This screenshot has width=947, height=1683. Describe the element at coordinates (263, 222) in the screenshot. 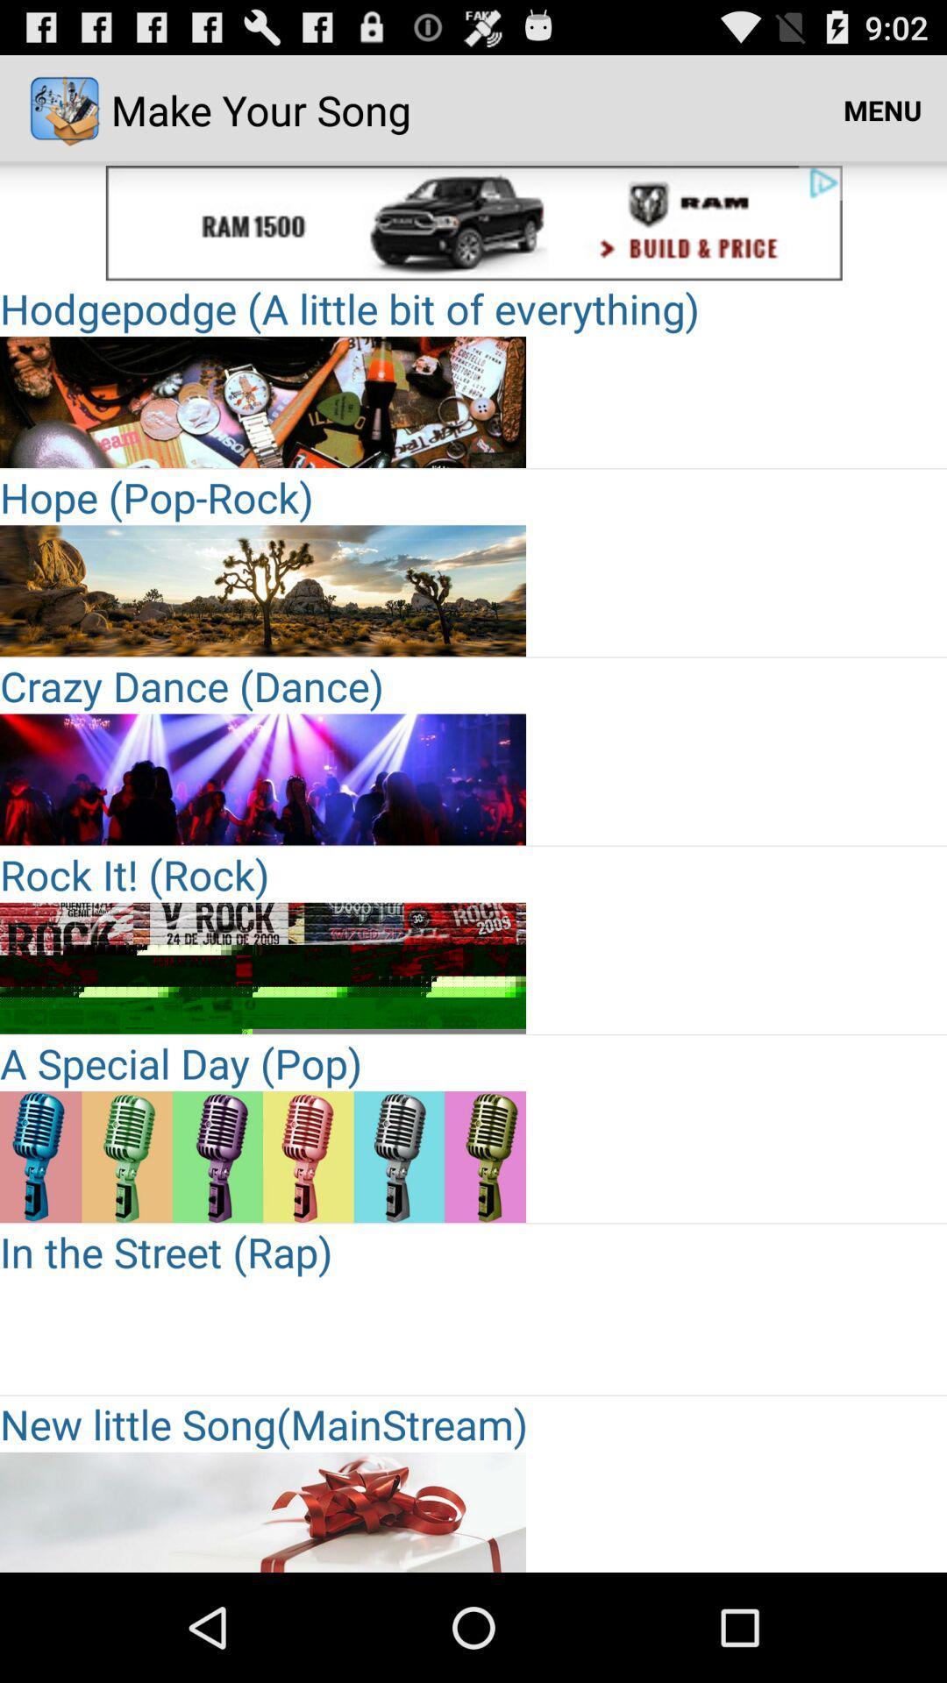

I see `choose the selection` at that location.